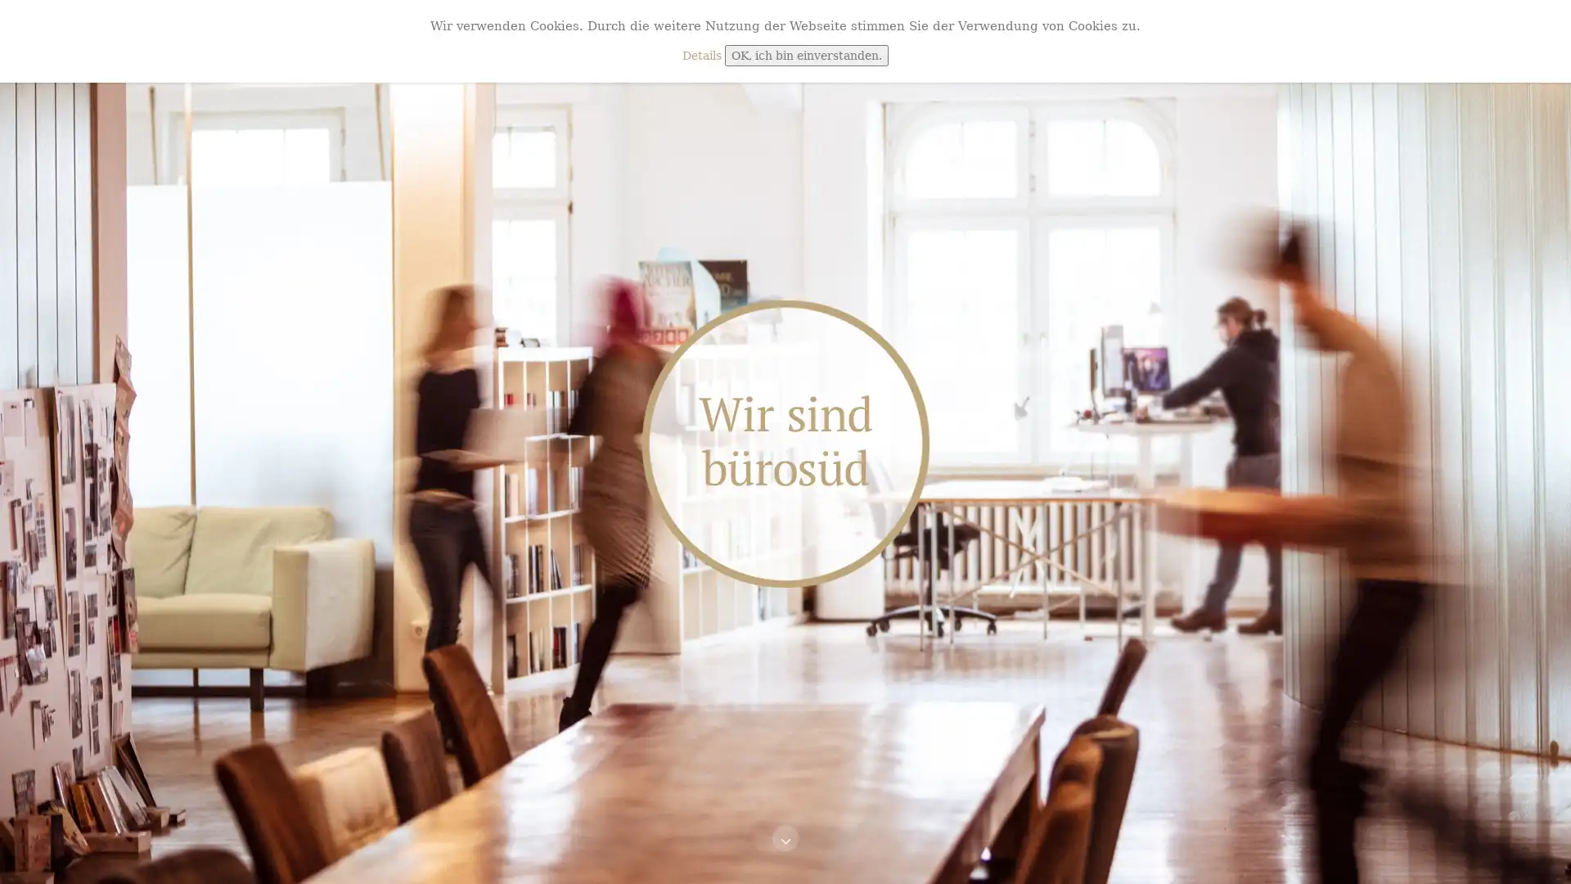  What do you see at coordinates (806, 55) in the screenshot?
I see `OK, ich bin einverstanden.` at bounding box center [806, 55].